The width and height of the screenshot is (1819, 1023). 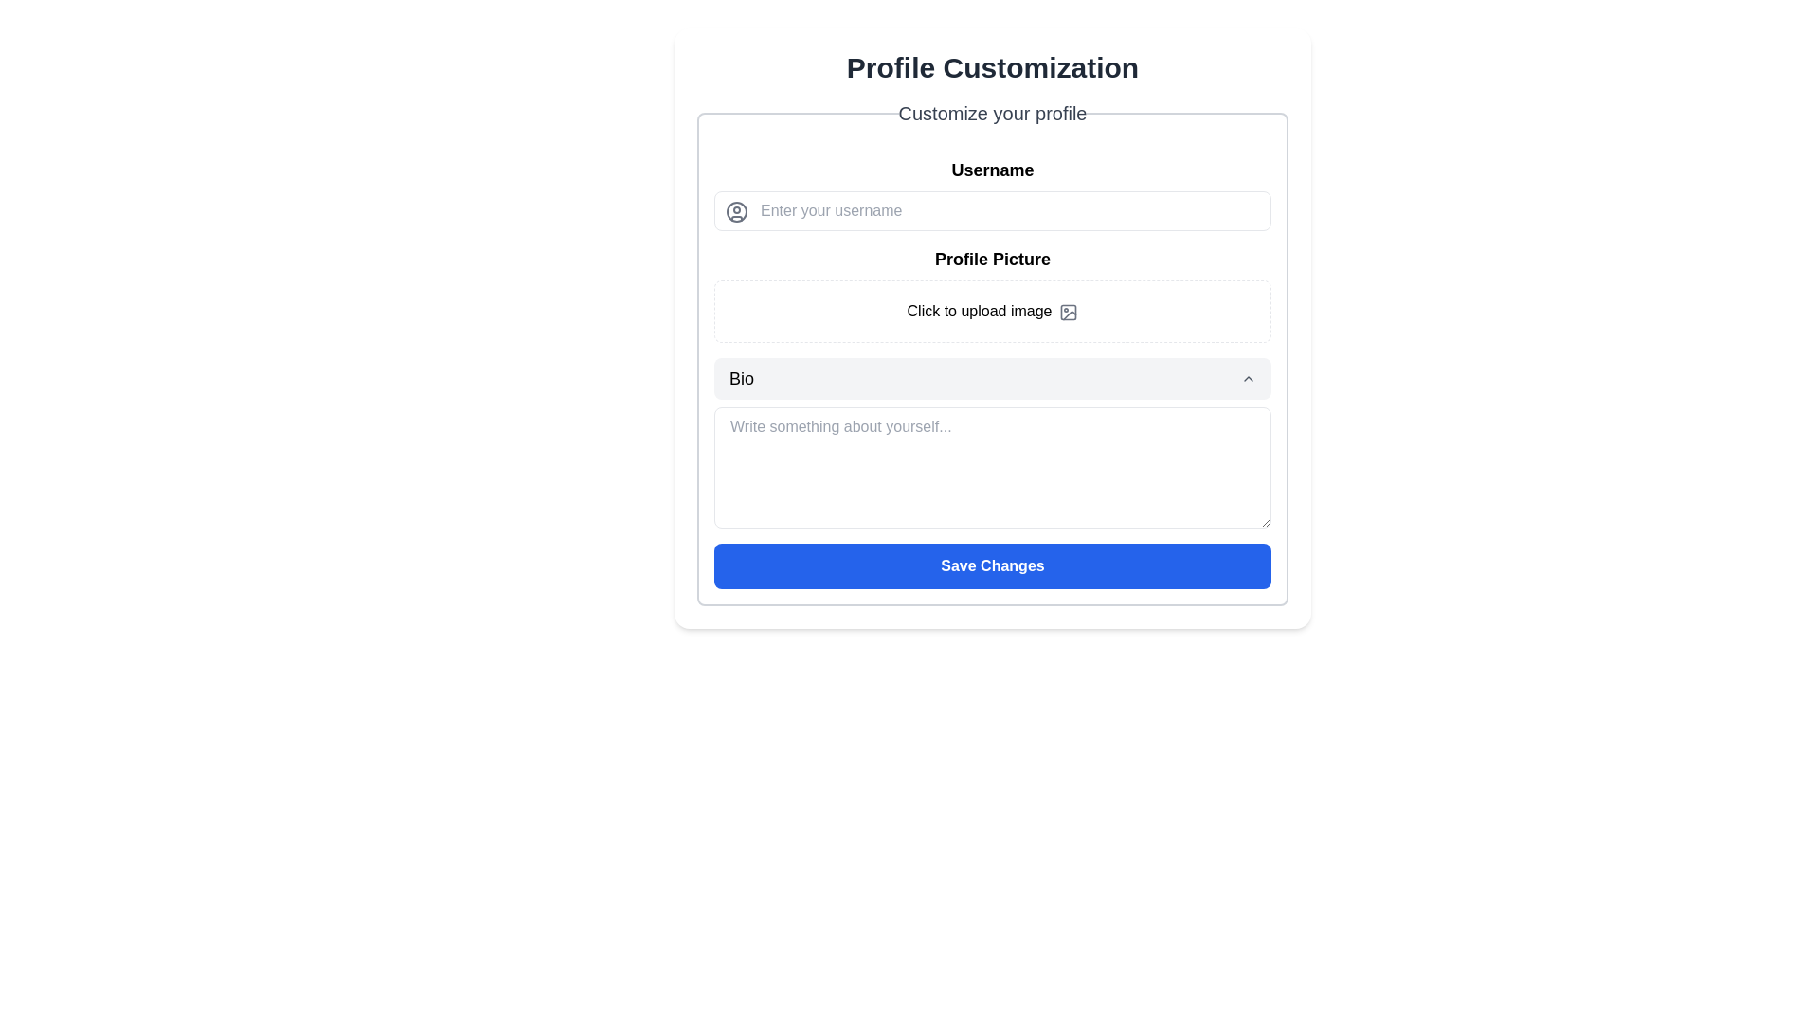 What do you see at coordinates (1069, 311) in the screenshot?
I see `the small rectangular shape with rounded corners located within the image upload icon next to the 'Click to upload image' text in the 'Profile Picture' section` at bounding box center [1069, 311].